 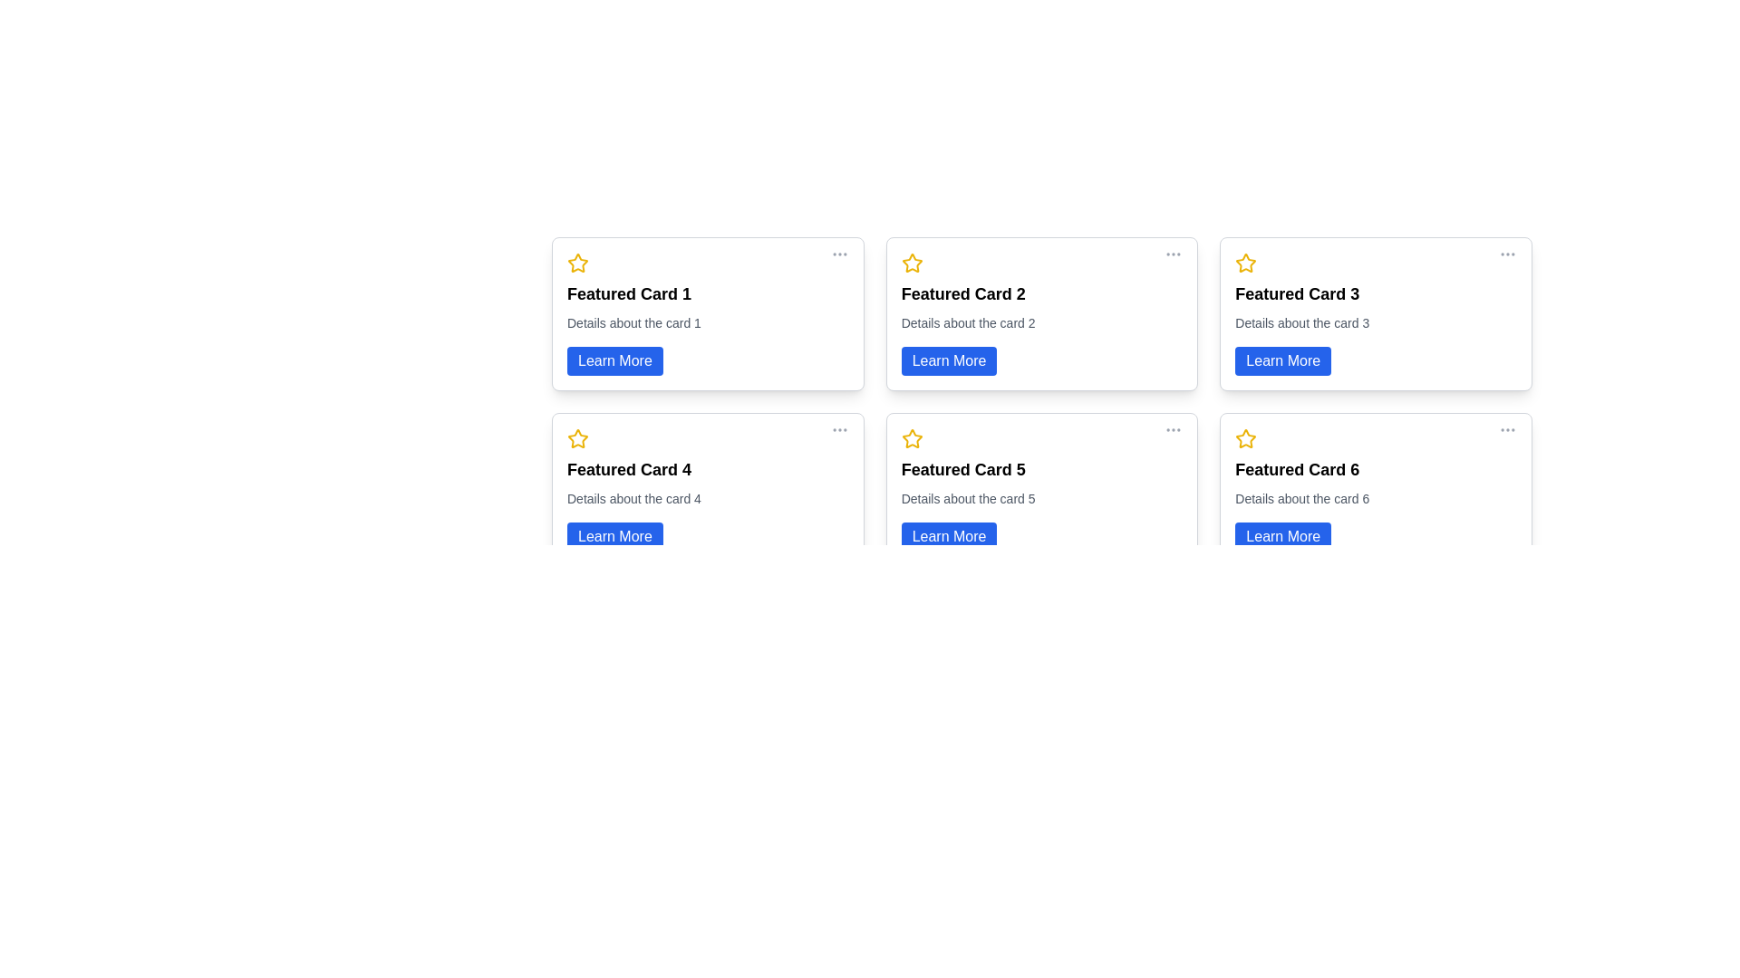 I want to click on the yellow star icon with no fill color and a yellow stroke, located at the top-left corner of the 'Featured Card 3', so click(x=1245, y=263).